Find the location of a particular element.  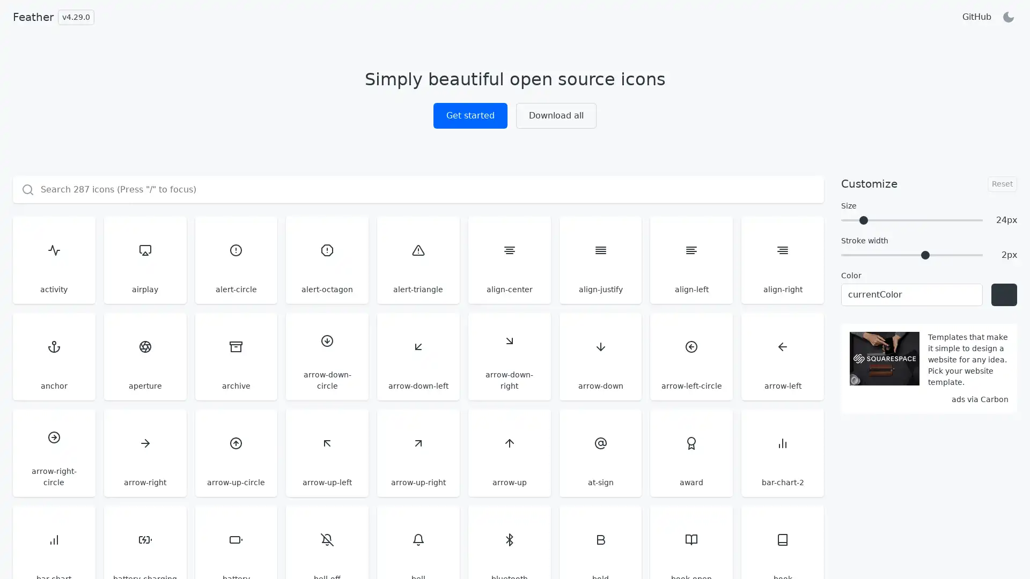

archive is located at coordinates (236, 356).